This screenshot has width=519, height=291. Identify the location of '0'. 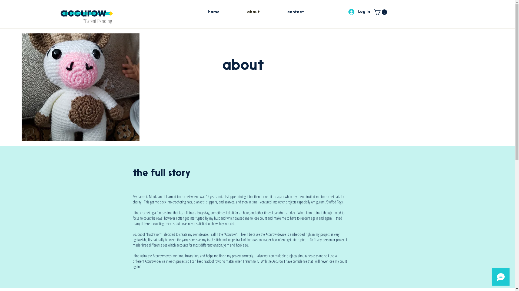
(380, 12).